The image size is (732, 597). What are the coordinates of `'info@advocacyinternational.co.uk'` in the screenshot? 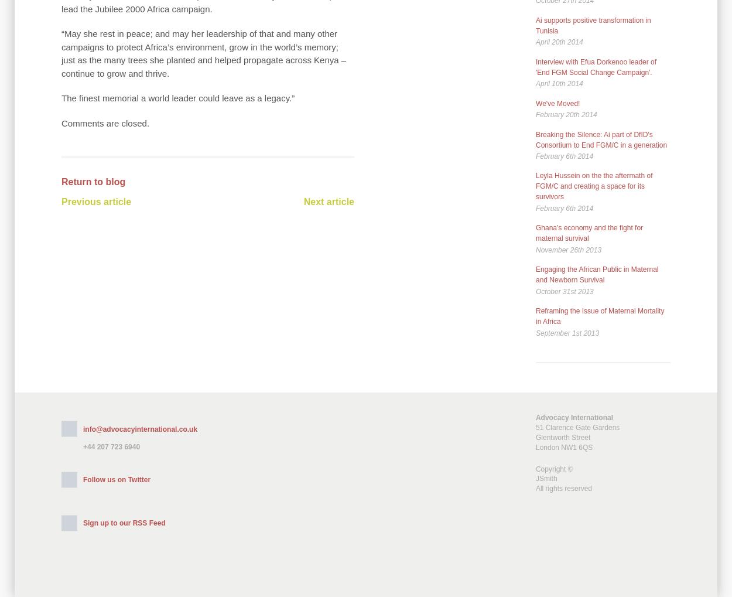 It's located at (139, 429).